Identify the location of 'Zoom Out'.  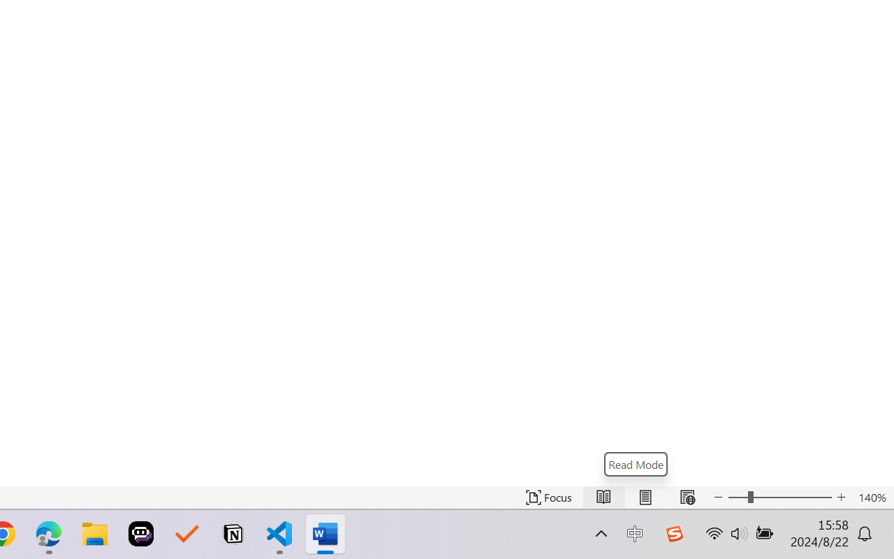
(737, 497).